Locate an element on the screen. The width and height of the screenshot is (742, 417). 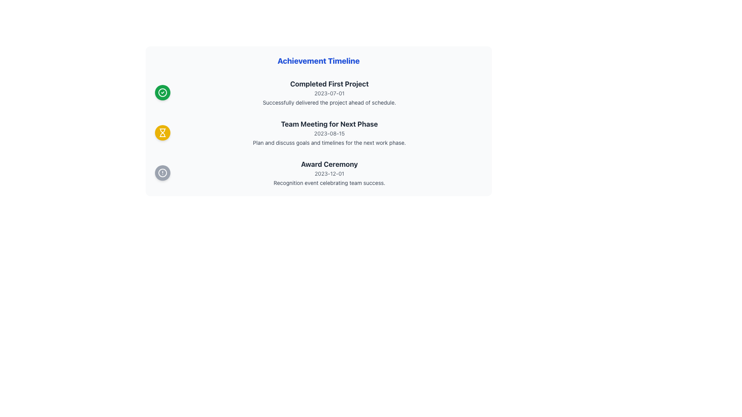
the text label that serves as the heading for the meeting or event, located centrally above the date '2023-08-15' and below 'Achievement Timeline.' is located at coordinates (329, 124).